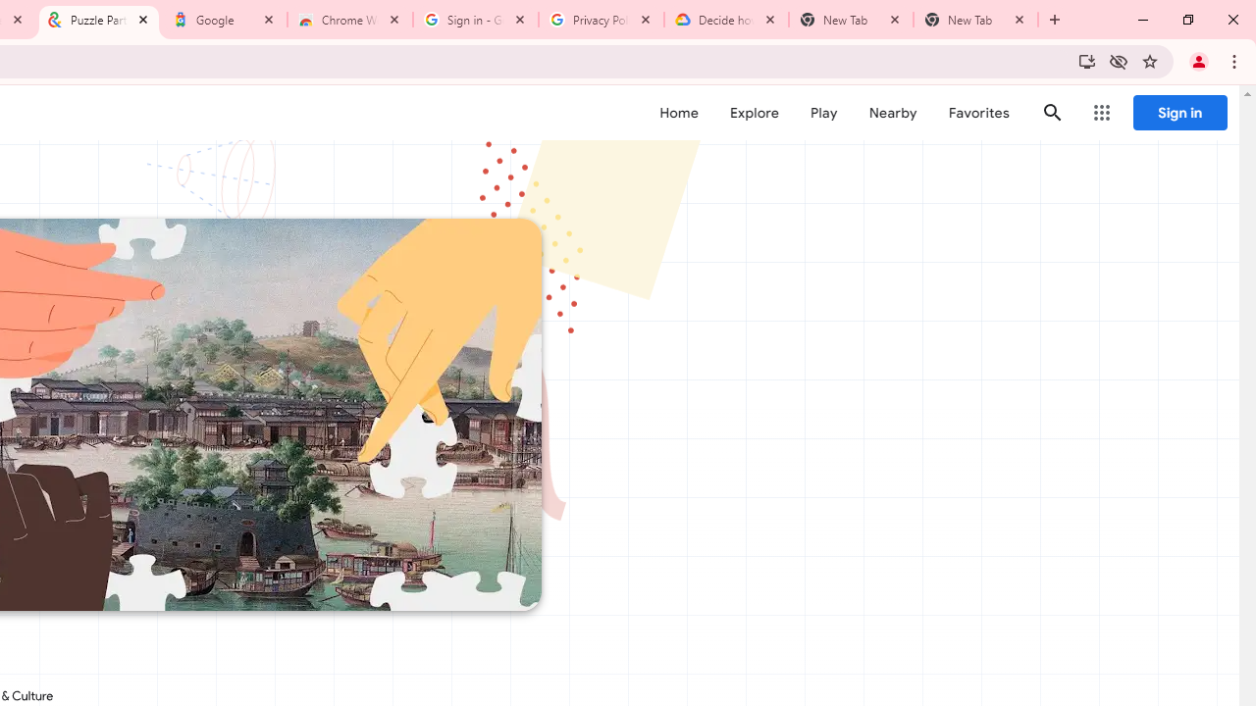 This screenshot has height=706, width=1256. I want to click on 'Nearby', so click(892, 113).